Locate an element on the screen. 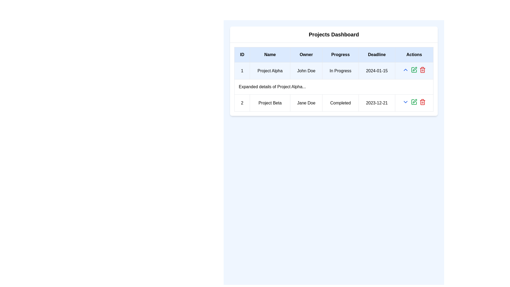 This screenshot has width=510, height=287. the table cell displaying 'Project Alpha' in bold black font, located in the second column of the first row under the 'Projects Dashboard' is located at coordinates (270, 70).